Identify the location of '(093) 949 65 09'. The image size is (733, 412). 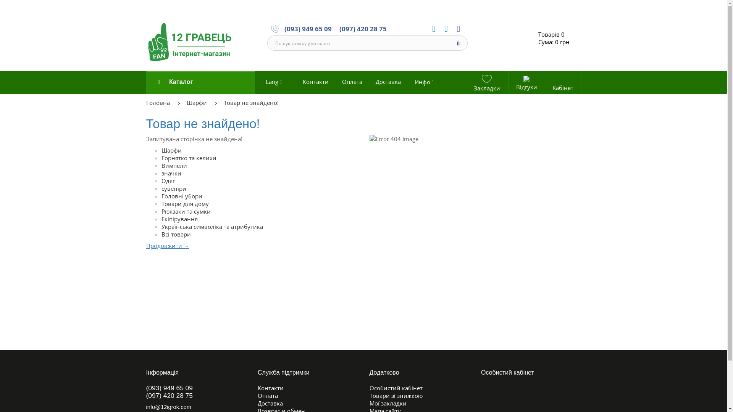
(308, 28).